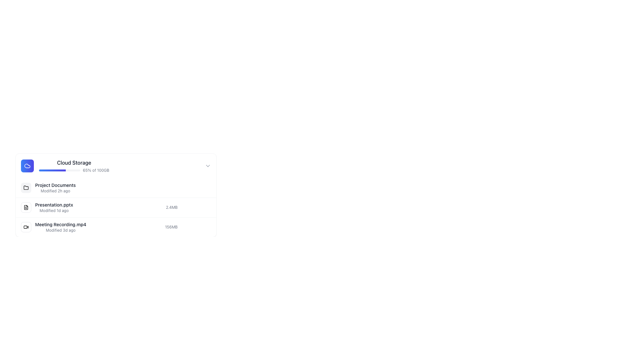 The height and width of the screenshot is (348, 619). Describe the element at coordinates (27, 166) in the screenshot. I see `the cloud-shaped SVG icon located within a blue square, adjacent to the title 'Cloud Storage'` at that location.